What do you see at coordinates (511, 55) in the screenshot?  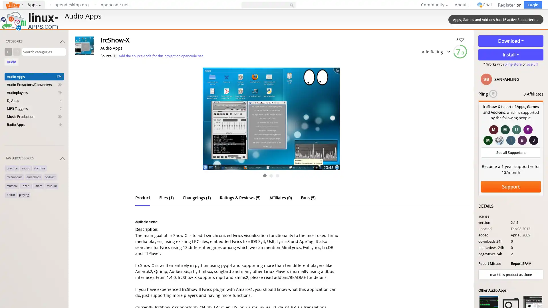 I see `Install` at bounding box center [511, 55].